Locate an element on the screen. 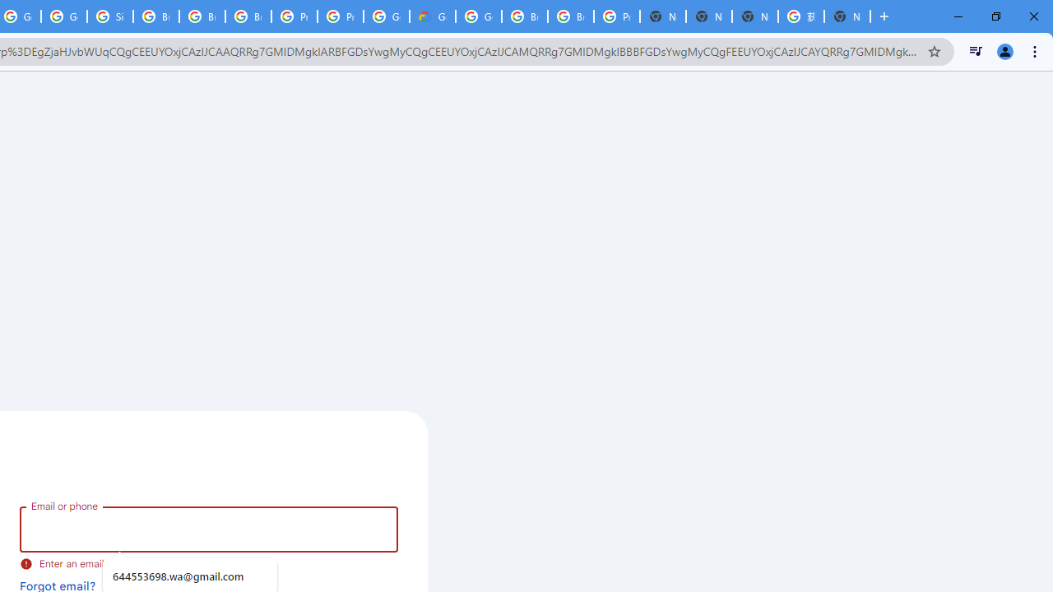 The image size is (1053, 592). 'Browse Chrome as a guest - Computer - Google Chrome Help' is located at coordinates (156, 16).